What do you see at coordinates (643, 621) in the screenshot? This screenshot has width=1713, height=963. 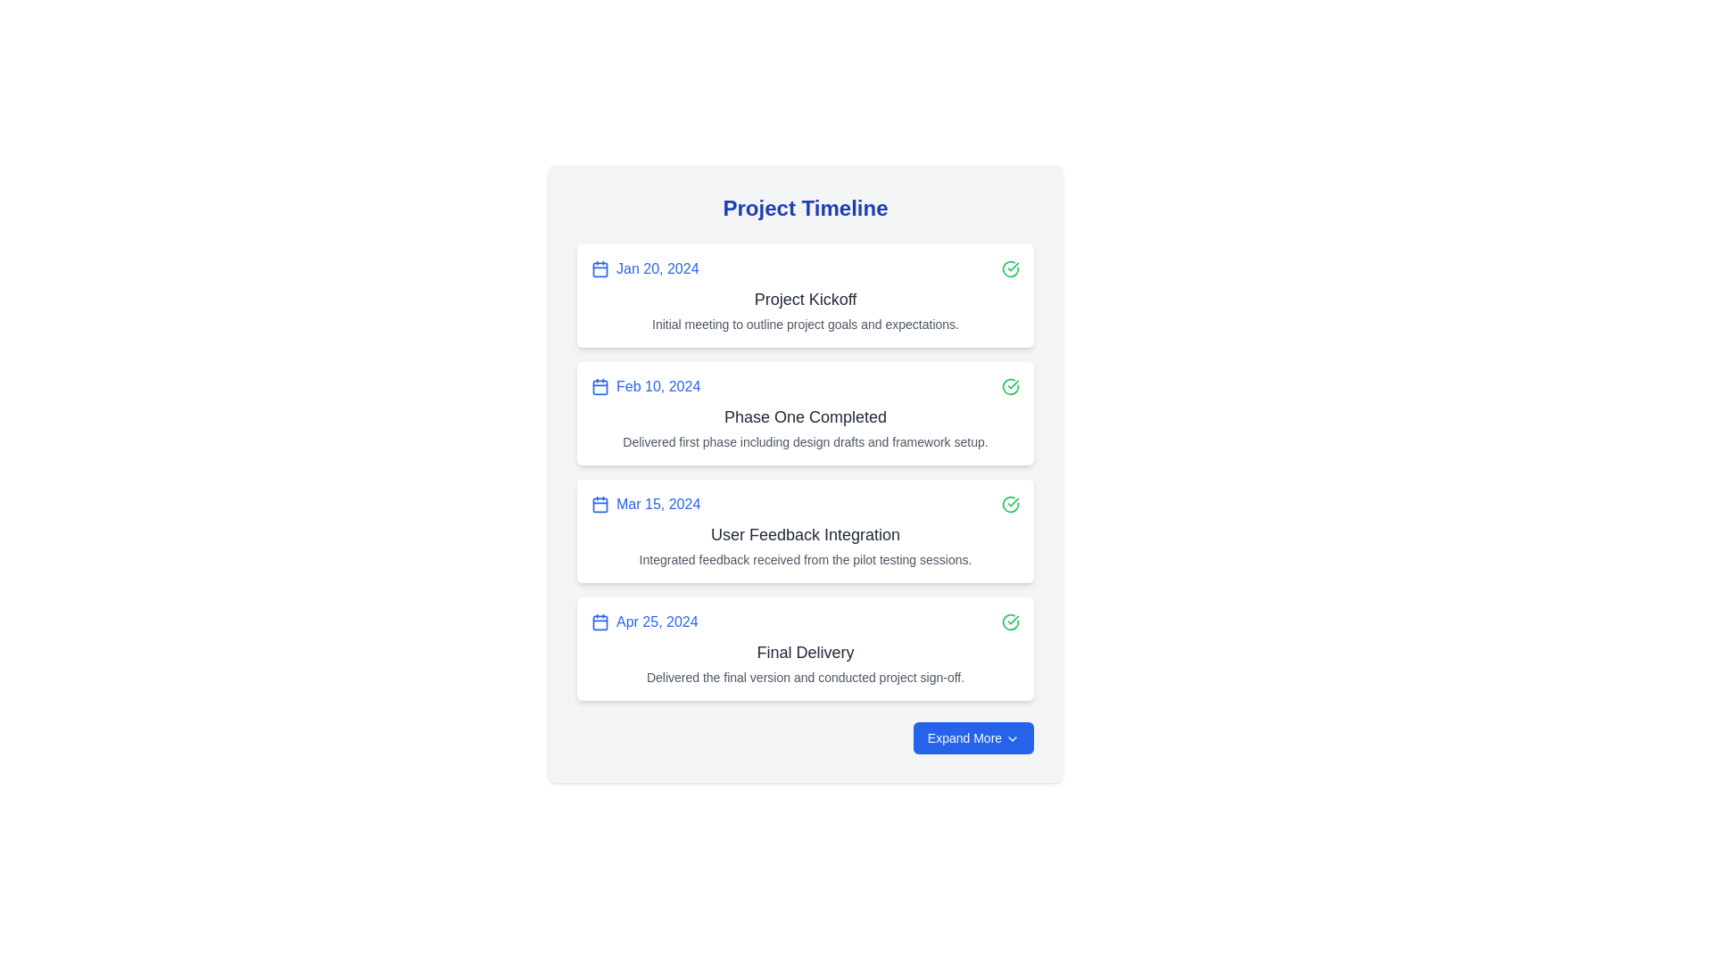 I see `the text label displaying the due date for the timeline event located in the last timeline entry under the date 'Apr 25, 2024'` at bounding box center [643, 621].